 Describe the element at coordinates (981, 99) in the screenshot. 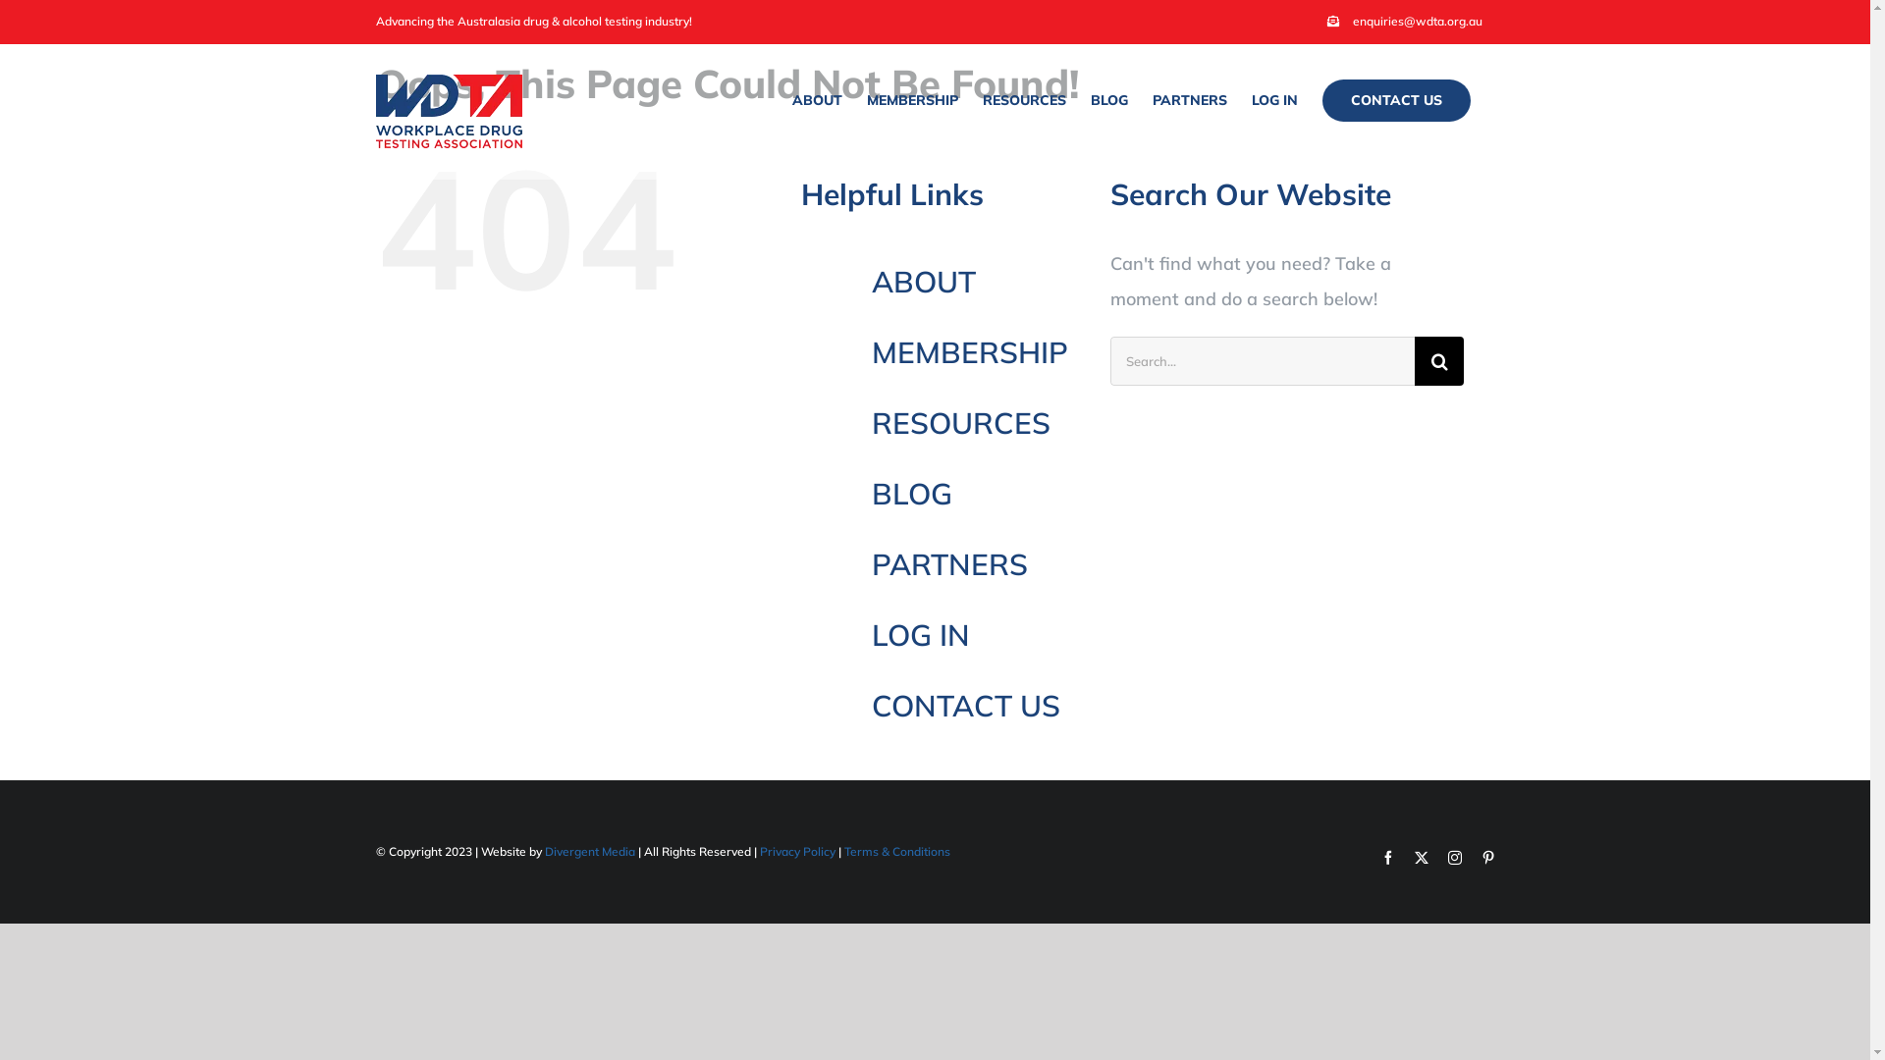

I see `'RESOURCES'` at that location.